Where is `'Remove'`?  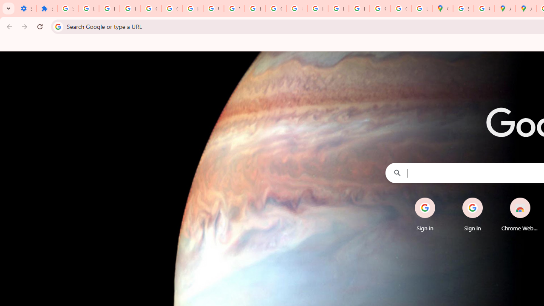 'Remove' is located at coordinates (537, 198).